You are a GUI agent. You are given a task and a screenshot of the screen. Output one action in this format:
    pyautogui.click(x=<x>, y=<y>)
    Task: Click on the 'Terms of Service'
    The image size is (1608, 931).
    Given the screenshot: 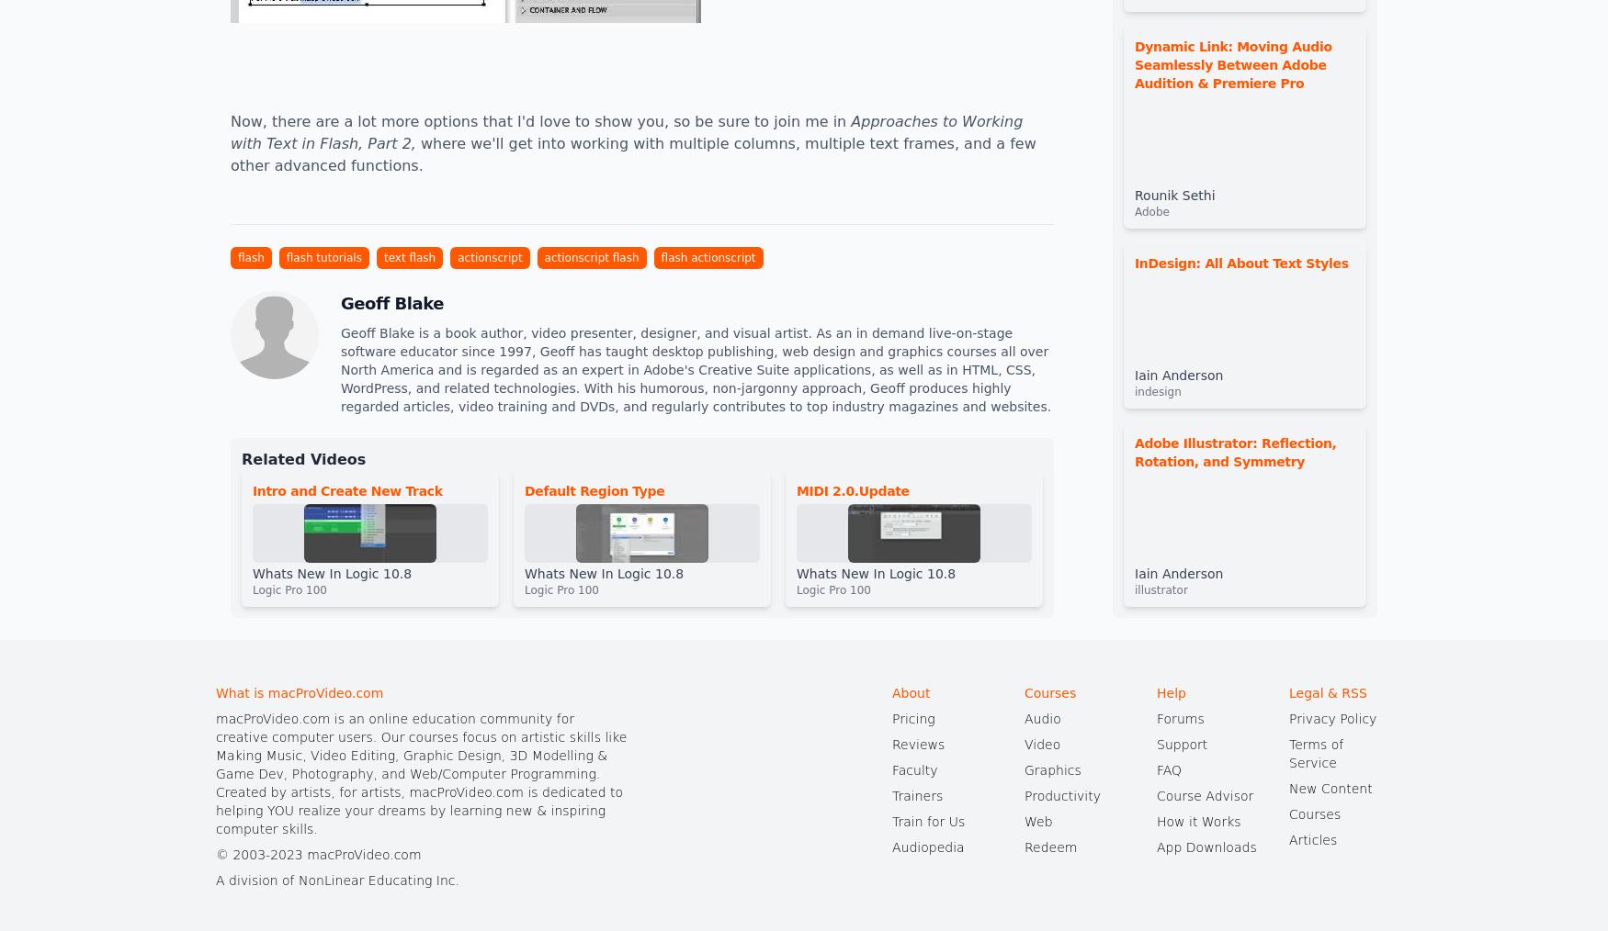 What is the action you would take?
    pyautogui.click(x=1315, y=754)
    